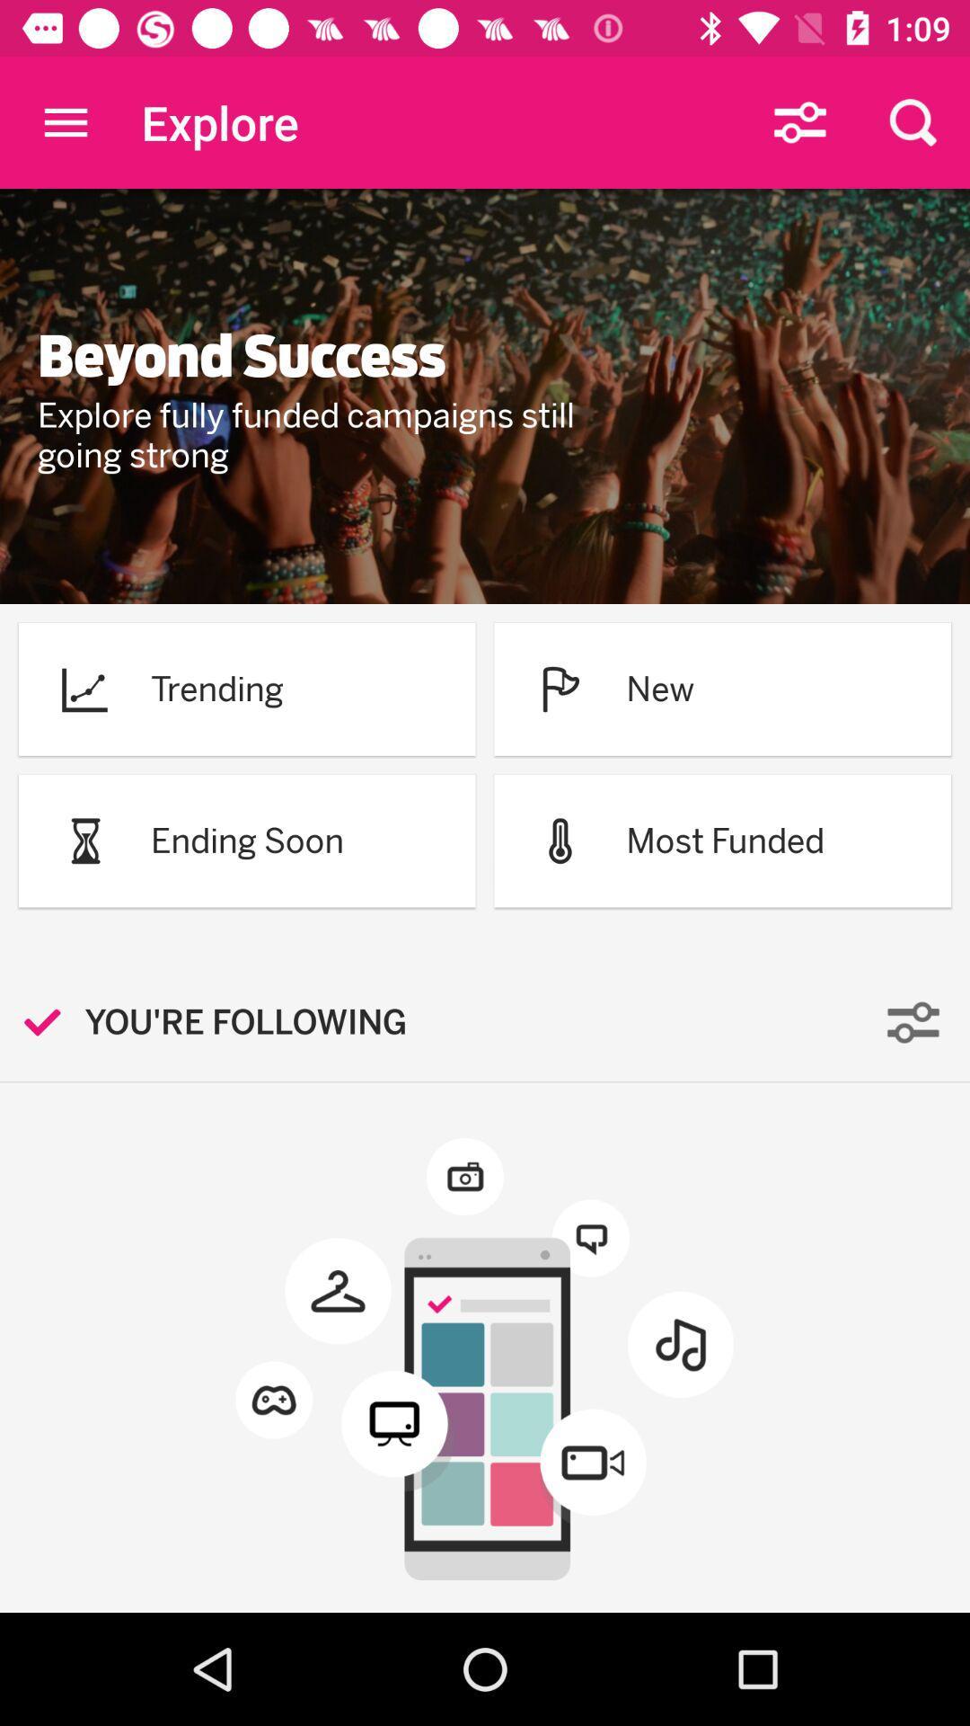 This screenshot has height=1726, width=970. I want to click on the icon next to the trending, so click(84, 688).